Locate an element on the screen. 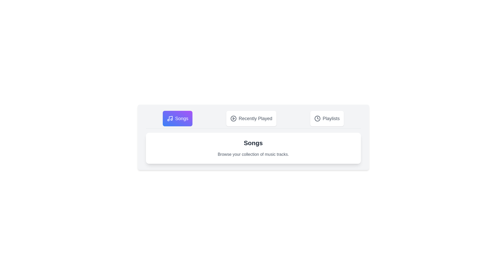  the tab labeled Recently Played is located at coordinates (251, 119).